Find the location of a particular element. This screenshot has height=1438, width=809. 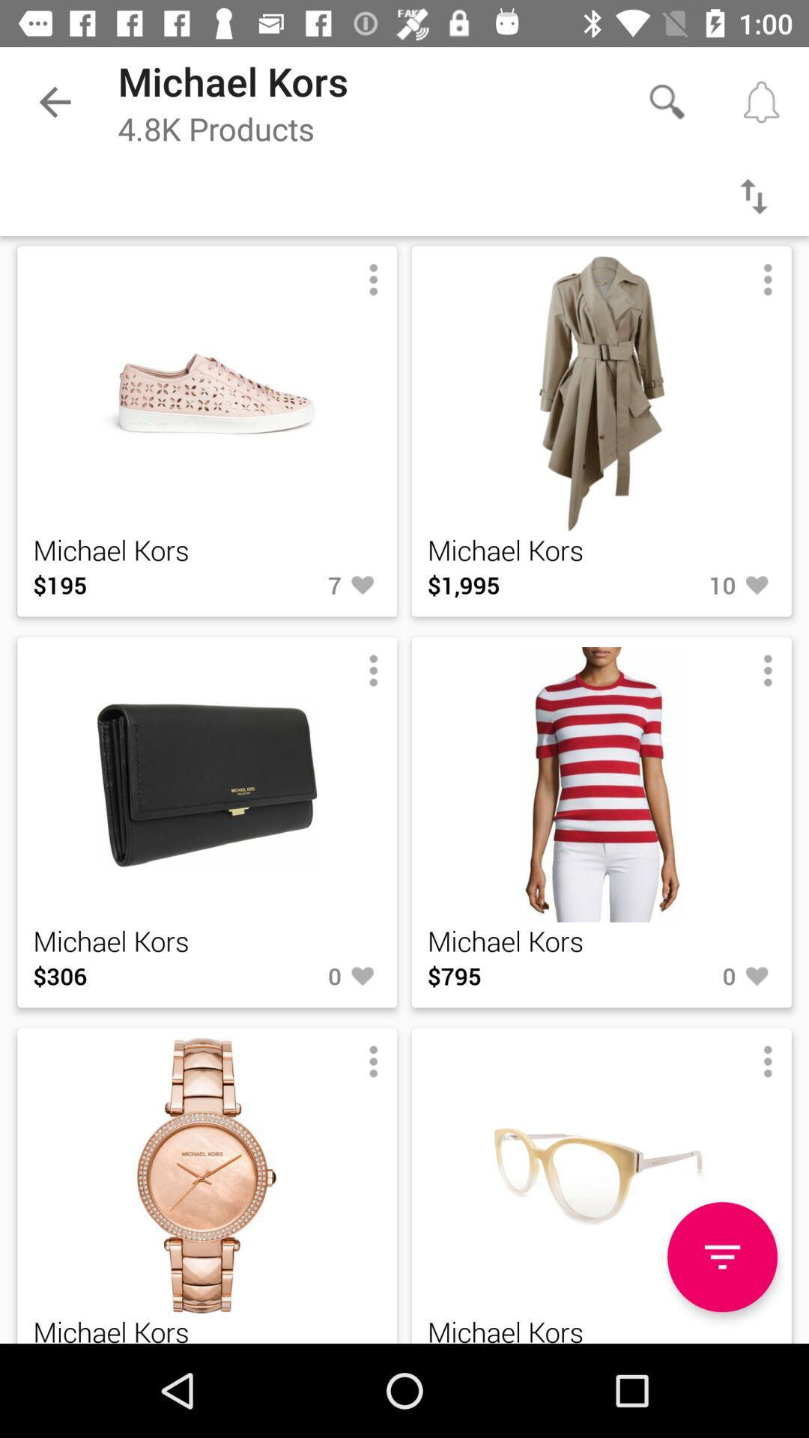

item to the right of $1,995 icon is located at coordinates (688, 584).